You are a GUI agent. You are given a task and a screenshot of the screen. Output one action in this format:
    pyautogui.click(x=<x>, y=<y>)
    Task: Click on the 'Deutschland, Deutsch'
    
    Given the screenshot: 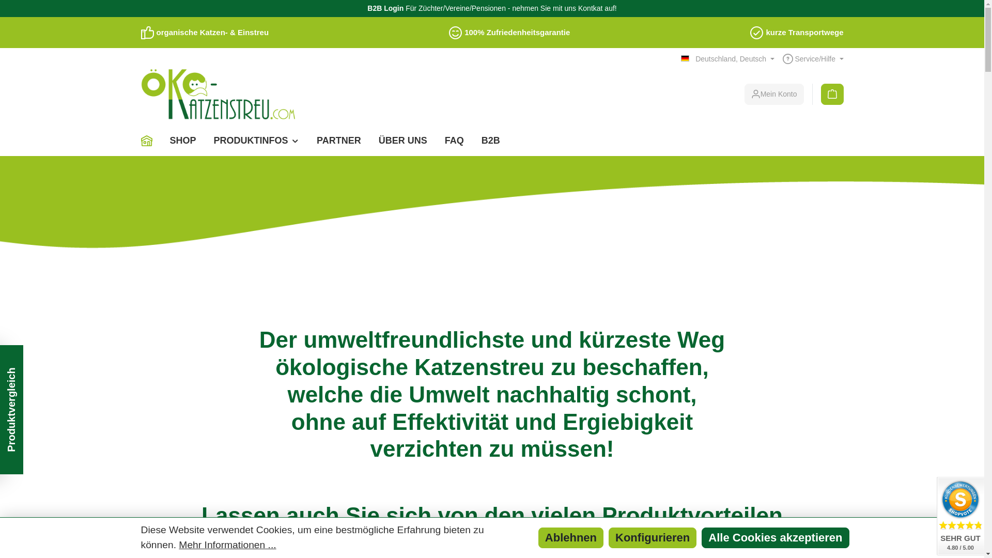 What is the action you would take?
    pyautogui.click(x=681, y=59)
    